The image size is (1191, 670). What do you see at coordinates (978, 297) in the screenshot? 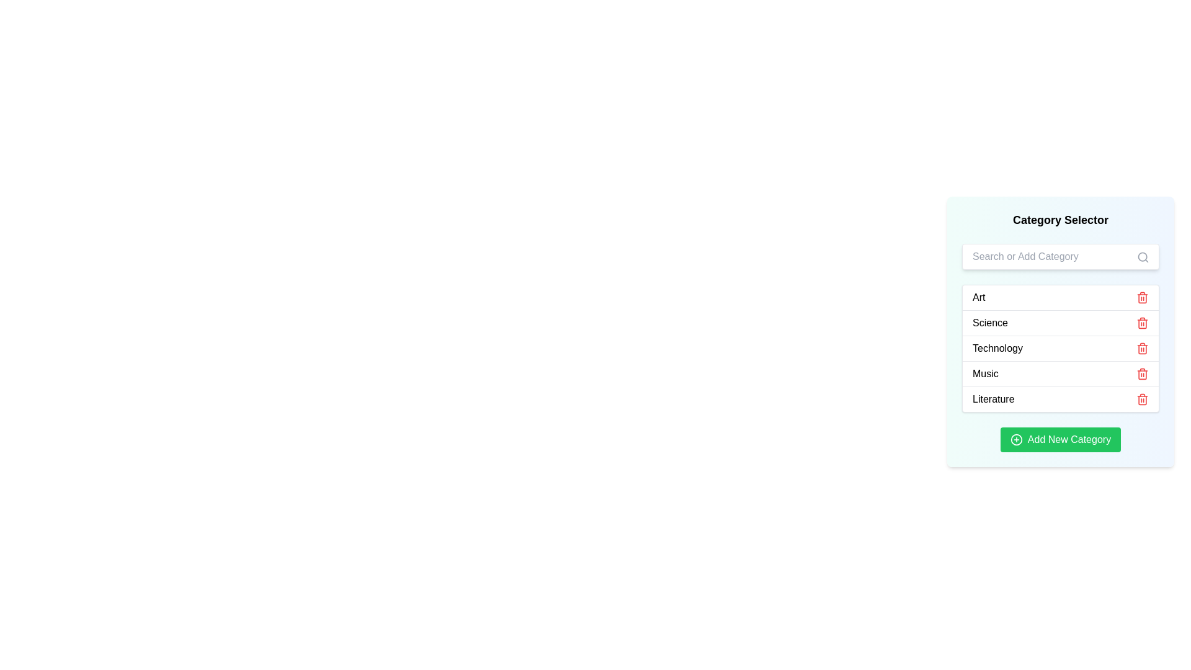
I see `the 'Art' label in the sidebar's category list, located near the top-left corner of its row, adjacent to the delete icon` at bounding box center [978, 297].